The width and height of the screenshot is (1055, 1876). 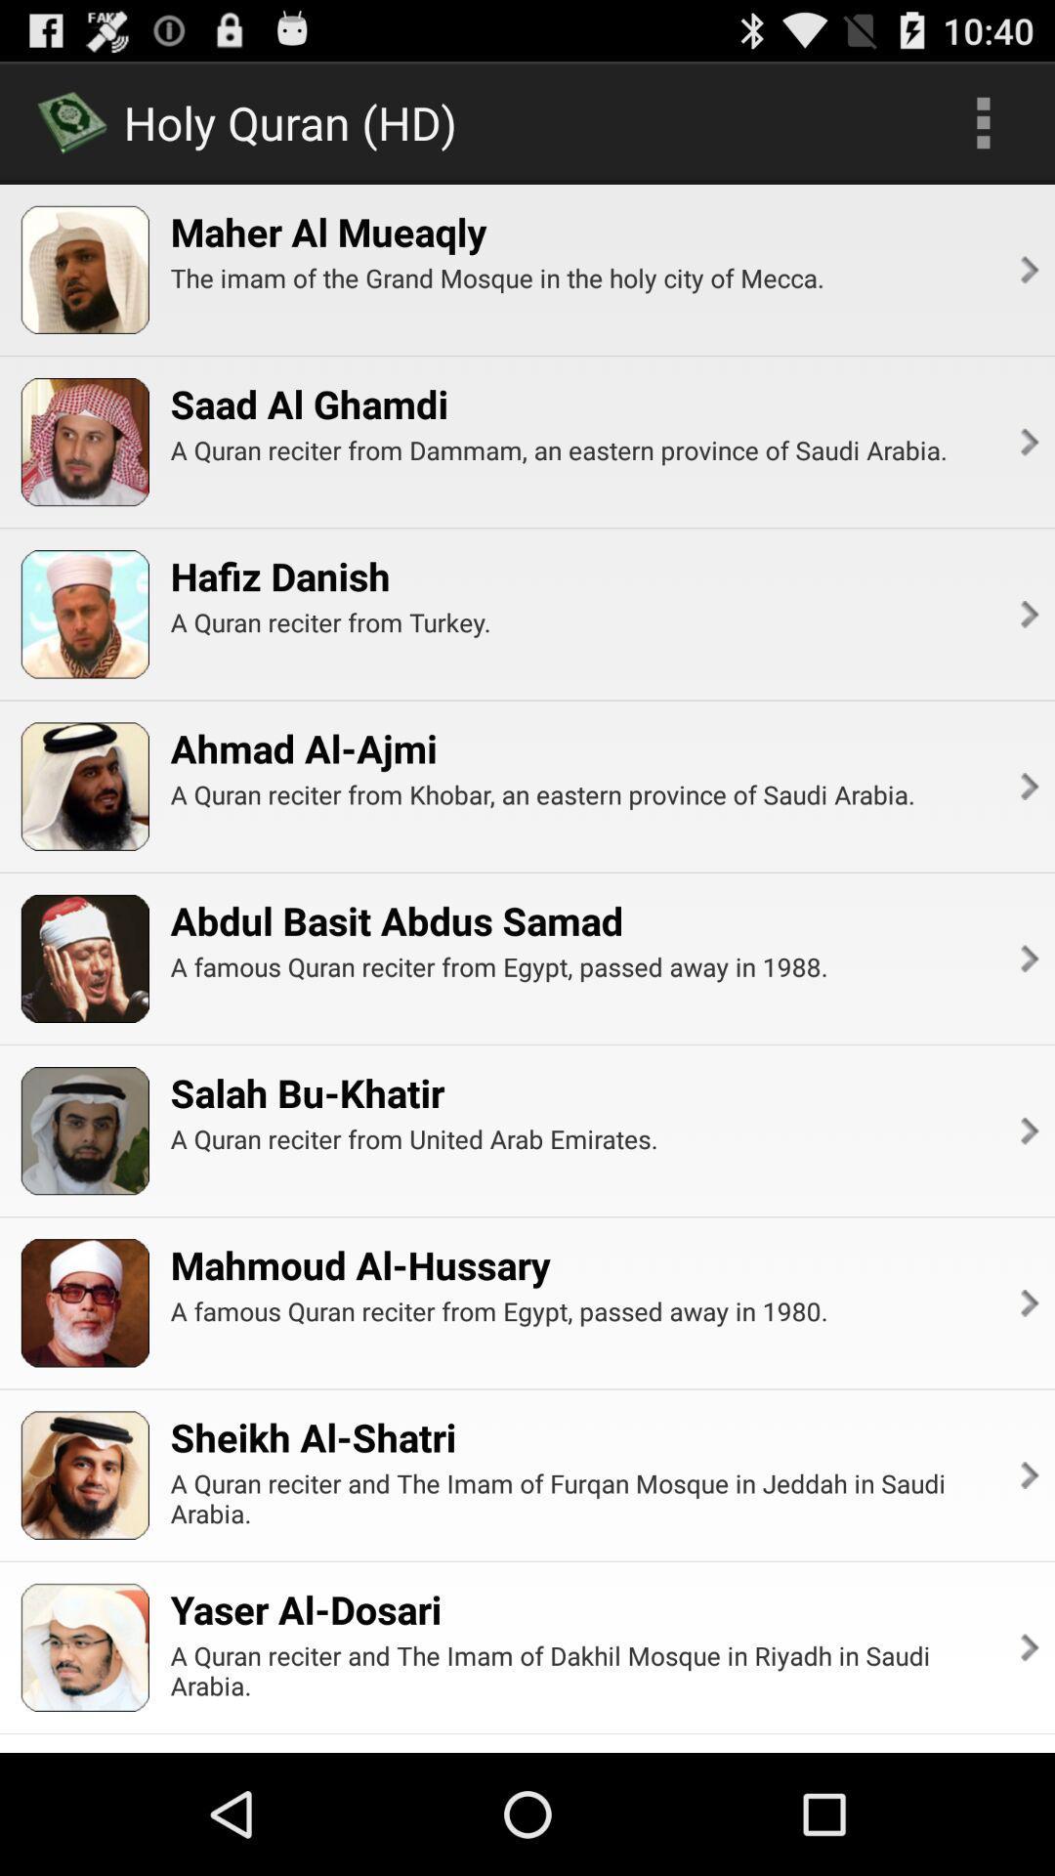 What do you see at coordinates (1027, 1646) in the screenshot?
I see `the icon to the right of the a quran reciter app` at bounding box center [1027, 1646].